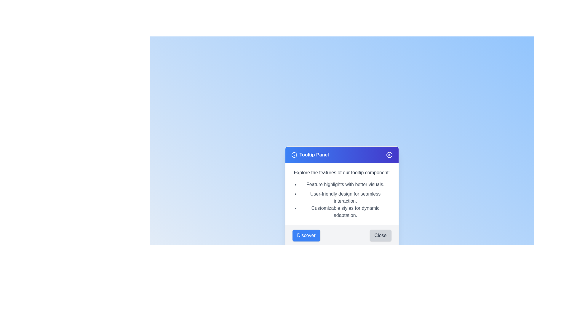  Describe the element at coordinates (310, 155) in the screenshot. I see `the 'Tooltip Panel' label with an adjacent information icon` at that location.